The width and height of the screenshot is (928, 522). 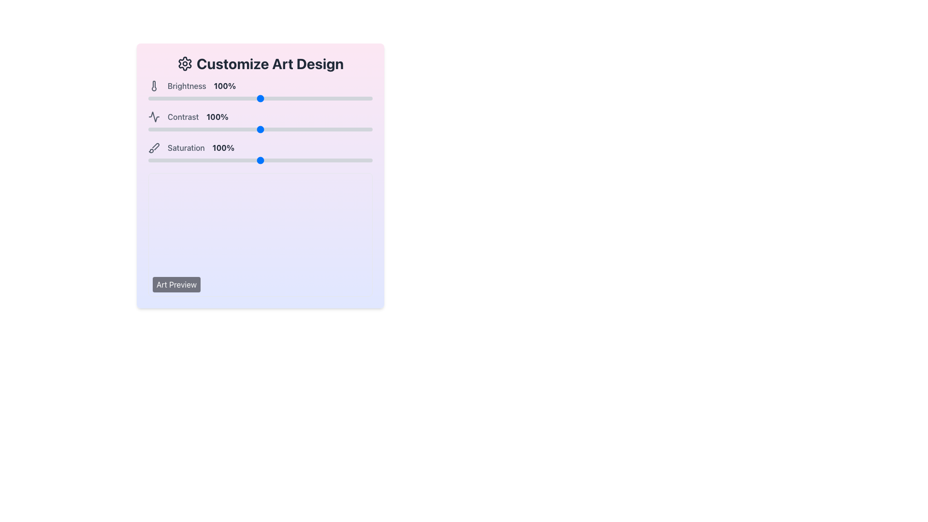 I want to click on the contrast level, so click(x=202, y=129).